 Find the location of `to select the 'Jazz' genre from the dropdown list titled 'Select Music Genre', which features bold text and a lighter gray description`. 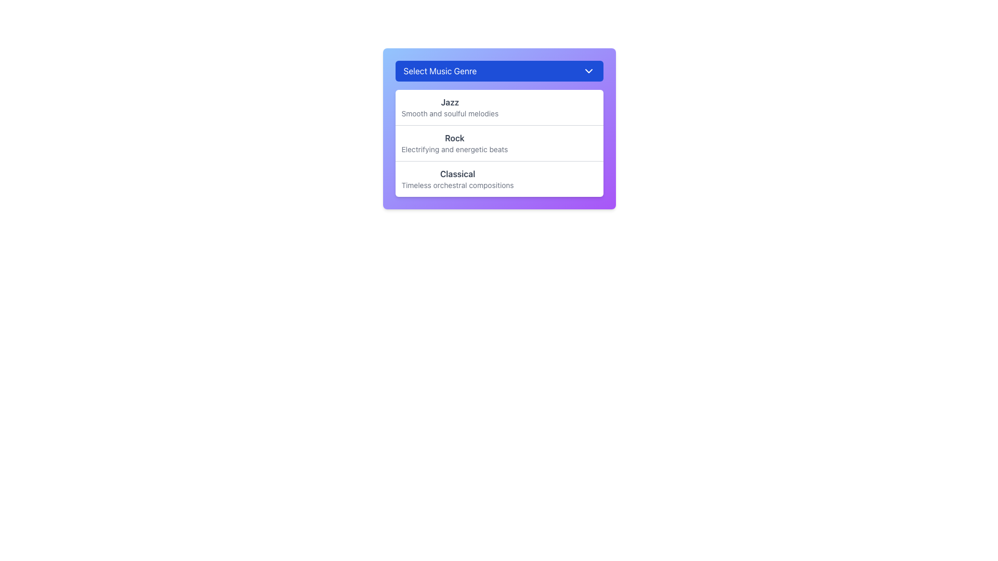

to select the 'Jazz' genre from the dropdown list titled 'Select Music Genre', which features bold text and a lighter gray description is located at coordinates (450, 108).